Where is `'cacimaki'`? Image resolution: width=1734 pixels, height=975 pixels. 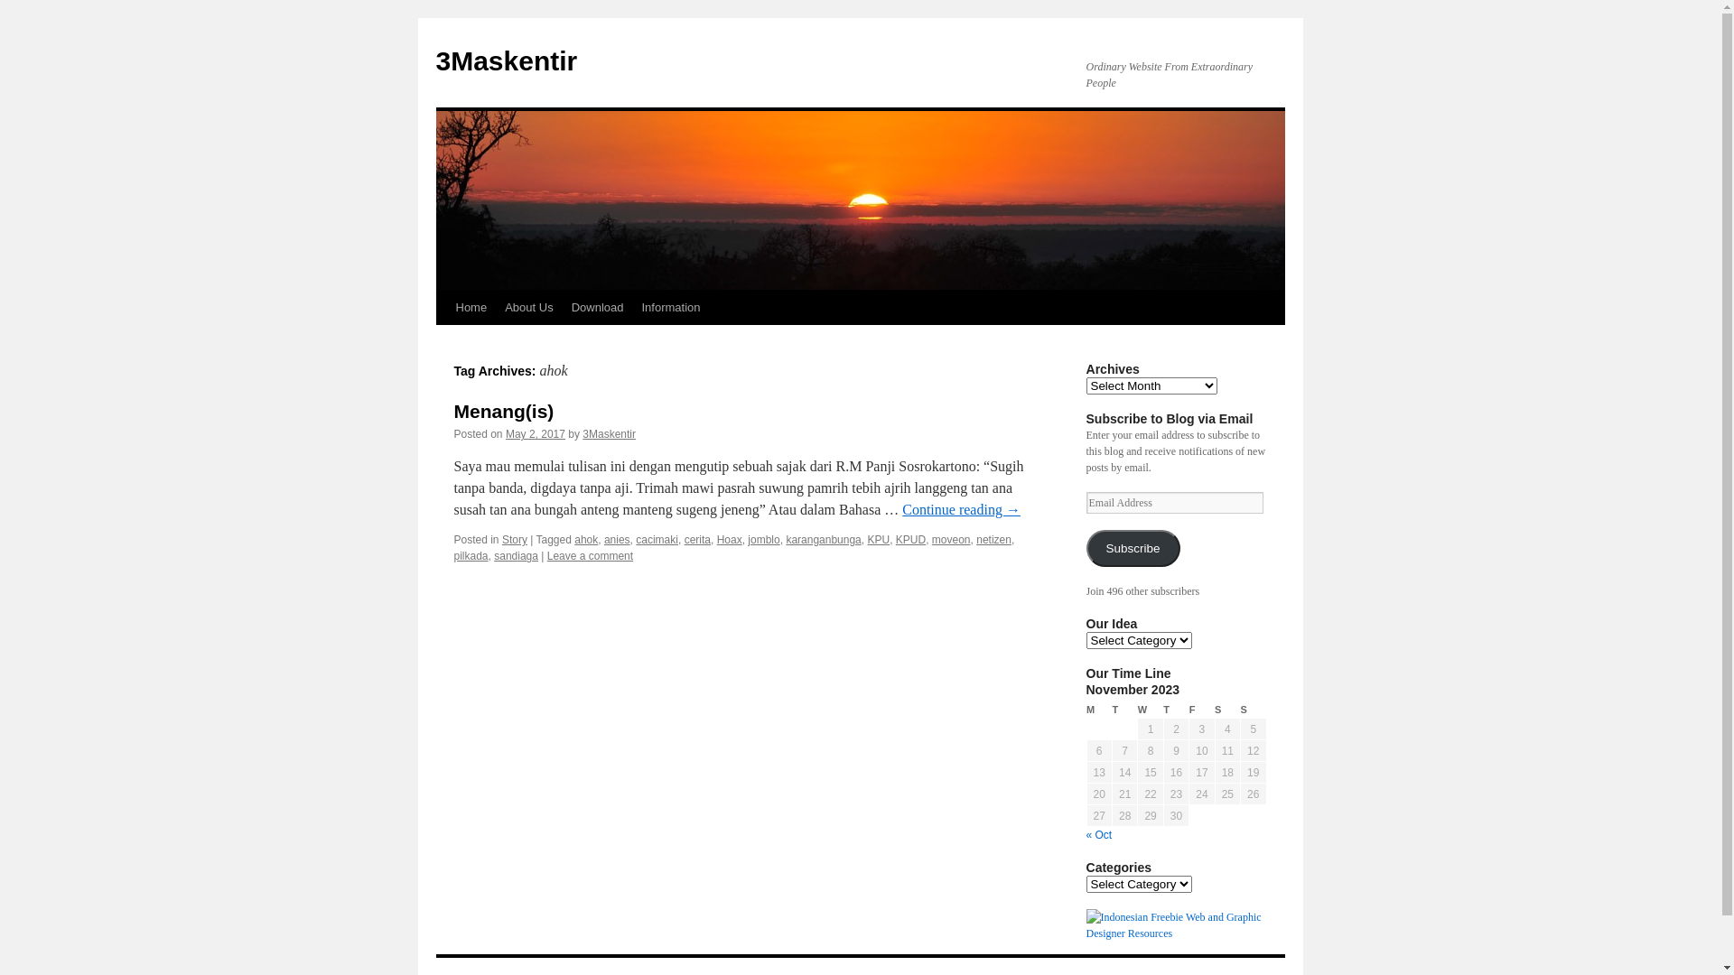
'cacimaki' is located at coordinates (636, 538).